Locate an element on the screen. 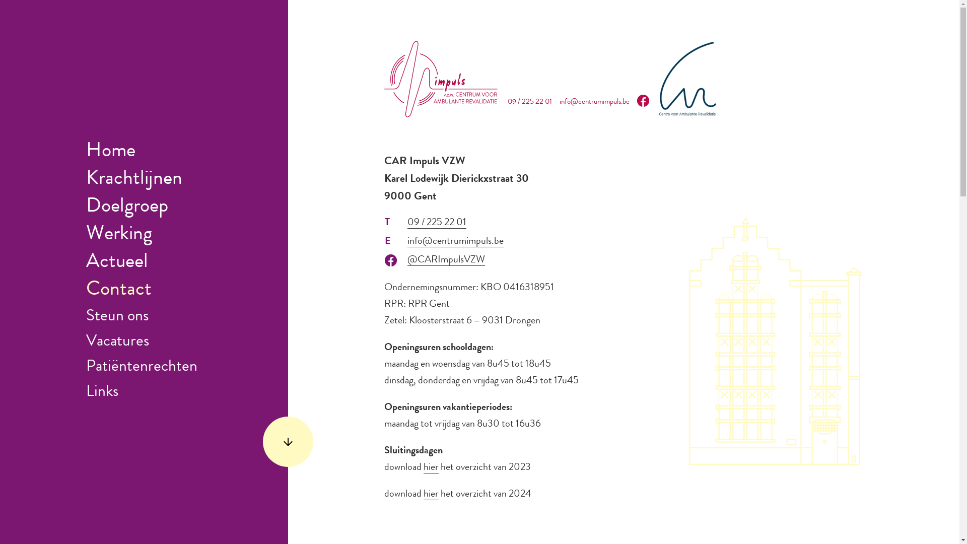  'Werking' is located at coordinates (119, 235).